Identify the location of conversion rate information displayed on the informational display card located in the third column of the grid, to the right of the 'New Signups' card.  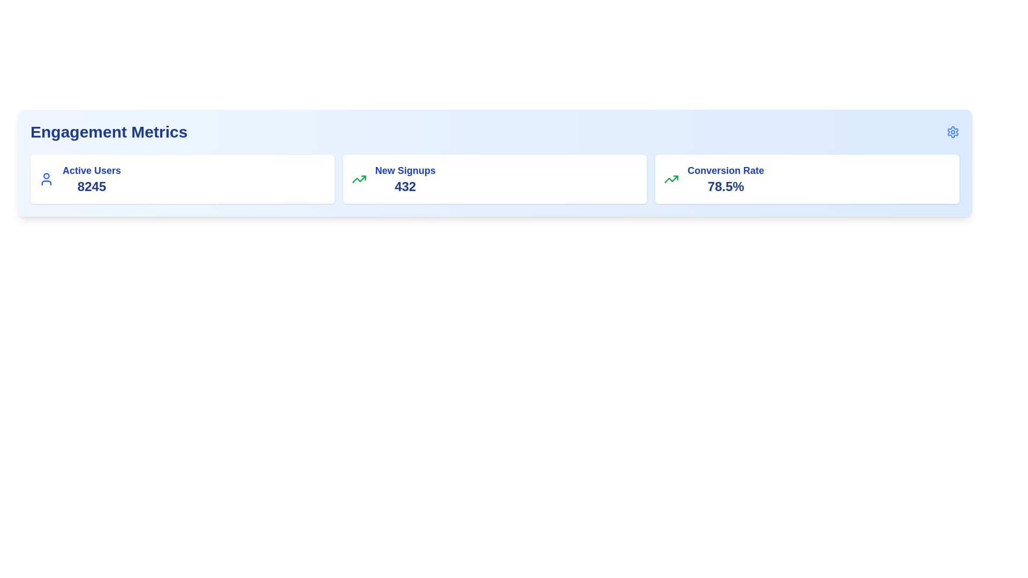
(807, 179).